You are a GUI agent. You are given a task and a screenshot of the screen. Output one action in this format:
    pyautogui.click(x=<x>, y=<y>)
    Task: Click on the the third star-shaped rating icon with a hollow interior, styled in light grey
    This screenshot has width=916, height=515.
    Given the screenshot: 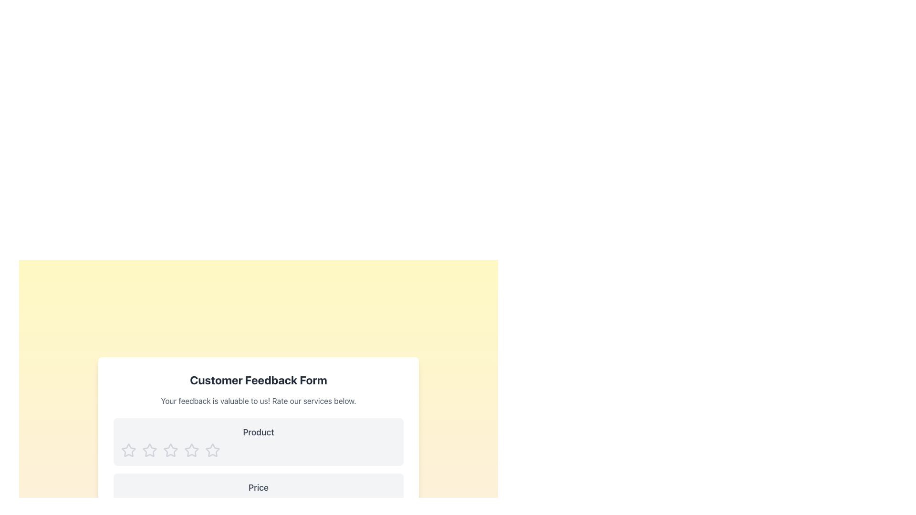 What is the action you would take?
    pyautogui.click(x=191, y=450)
    